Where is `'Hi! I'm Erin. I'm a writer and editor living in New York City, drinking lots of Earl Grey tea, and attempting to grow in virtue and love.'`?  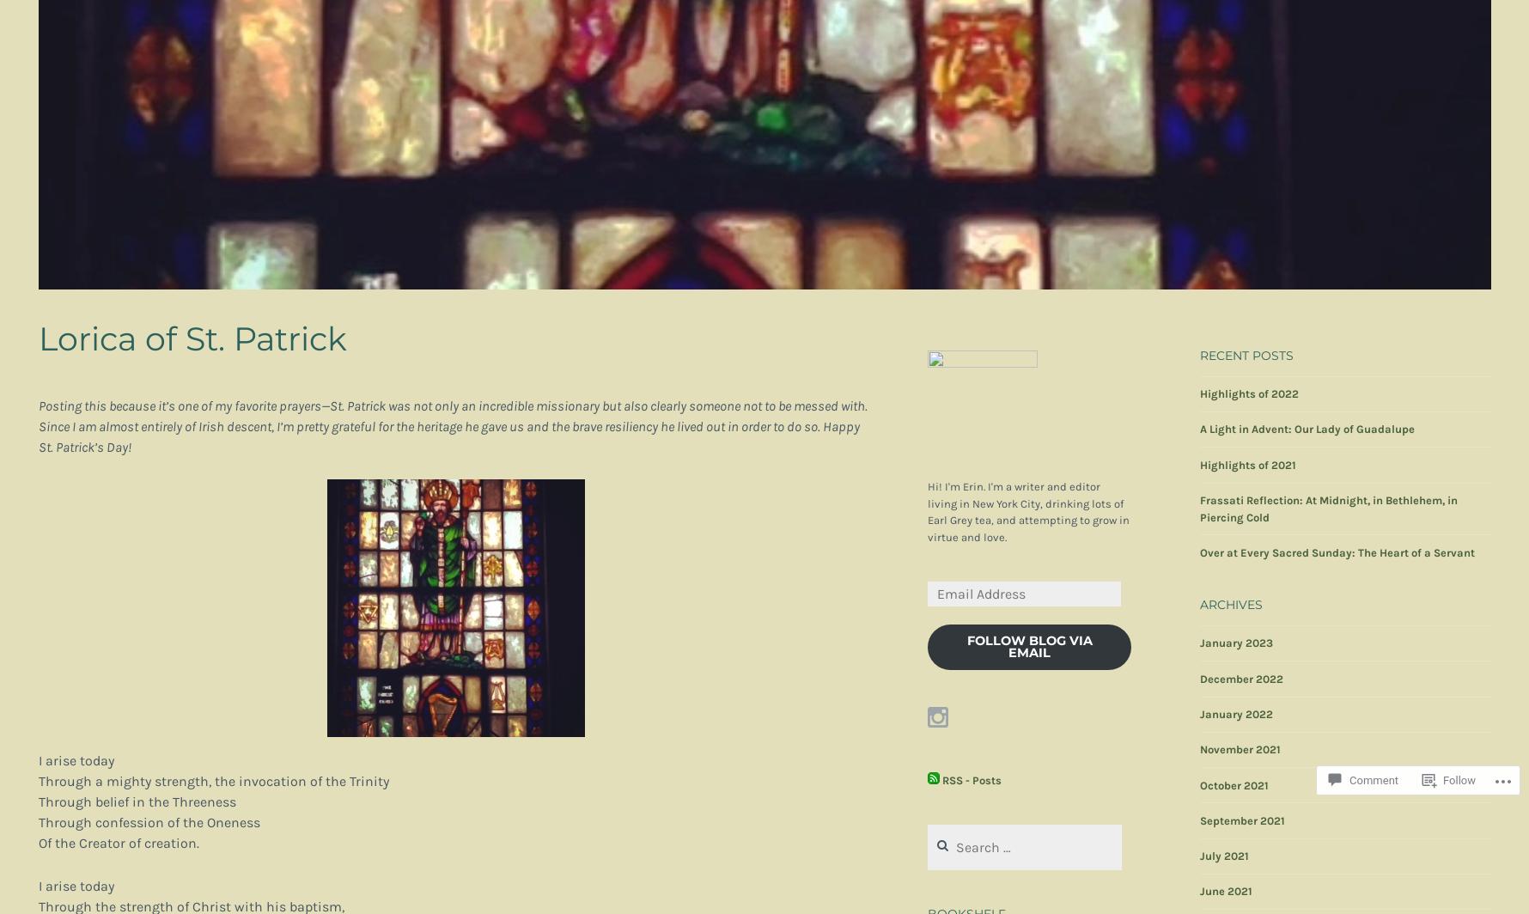 'Hi! I'm Erin. I'm a writer and editor living in New York City, drinking lots of Earl Grey tea, and attempting to grow in virtue and love.' is located at coordinates (1028, 511).